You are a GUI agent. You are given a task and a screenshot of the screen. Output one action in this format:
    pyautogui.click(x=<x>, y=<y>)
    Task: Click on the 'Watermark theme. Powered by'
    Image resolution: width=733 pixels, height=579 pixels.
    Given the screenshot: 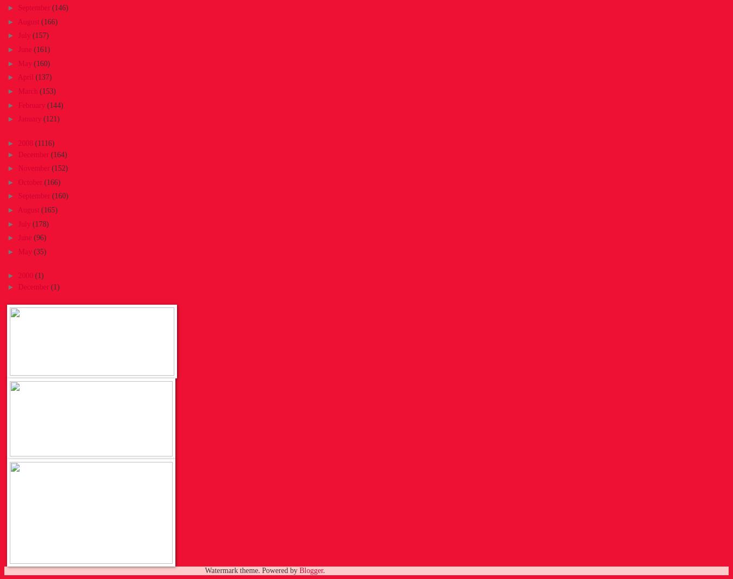 What is the action you would take?
    pyautogui.click(x=251, y=570)
    